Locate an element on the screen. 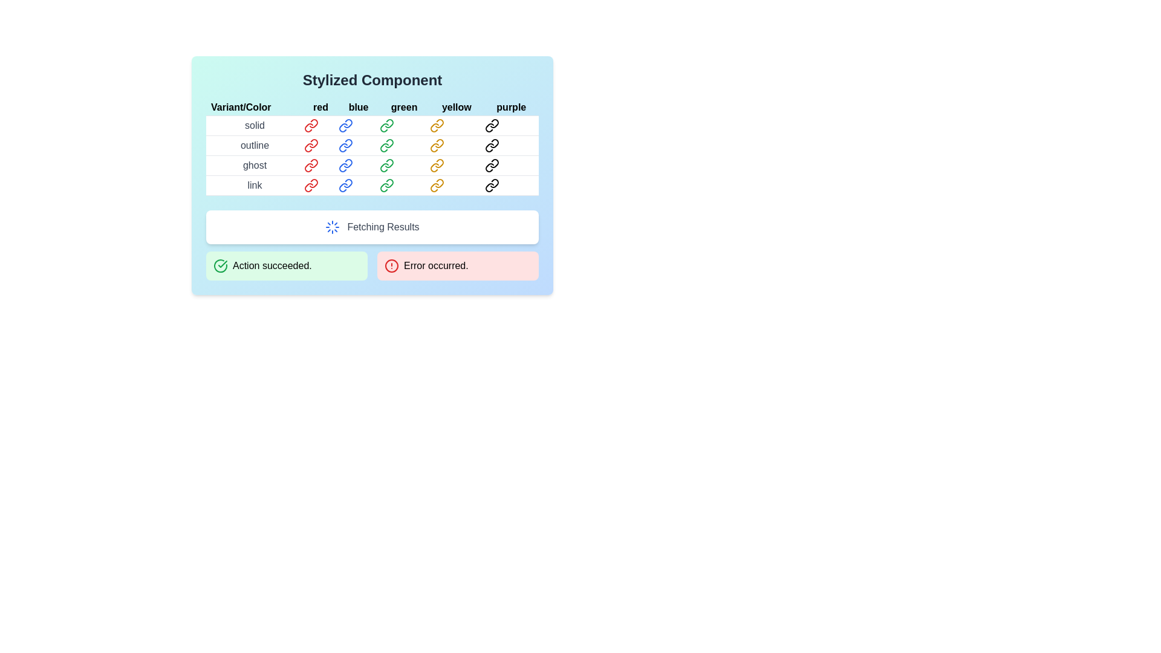  the Link icon representing the 'ghost red' property is located at coordinates (311, 165).